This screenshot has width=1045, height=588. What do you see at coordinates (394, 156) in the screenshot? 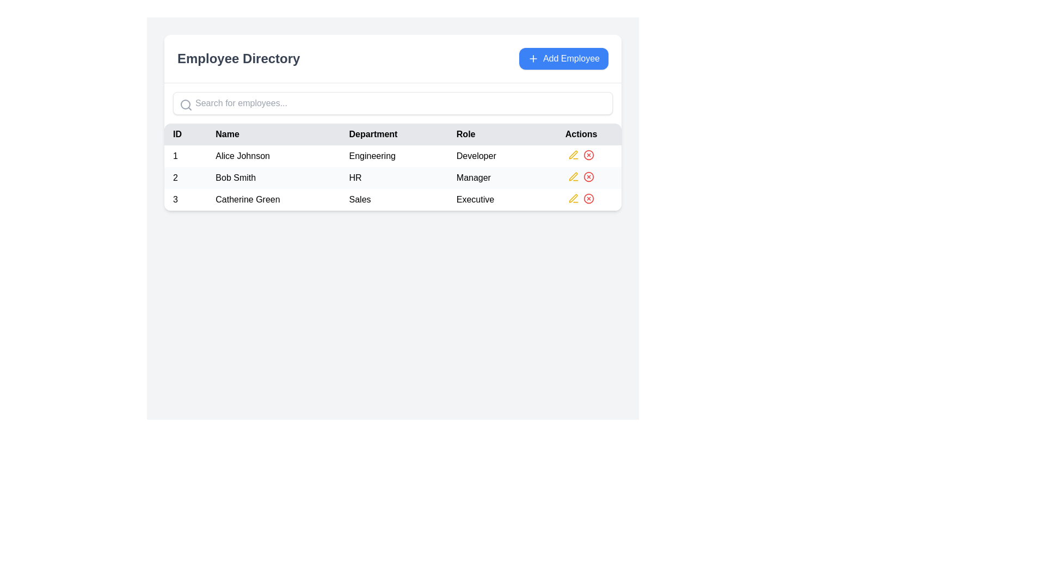
I see `the 'Engineering' department text label in the first row of the table, which is located in the 'Department' column, to identify it as a categorization label` at bounding box center [394, 156].